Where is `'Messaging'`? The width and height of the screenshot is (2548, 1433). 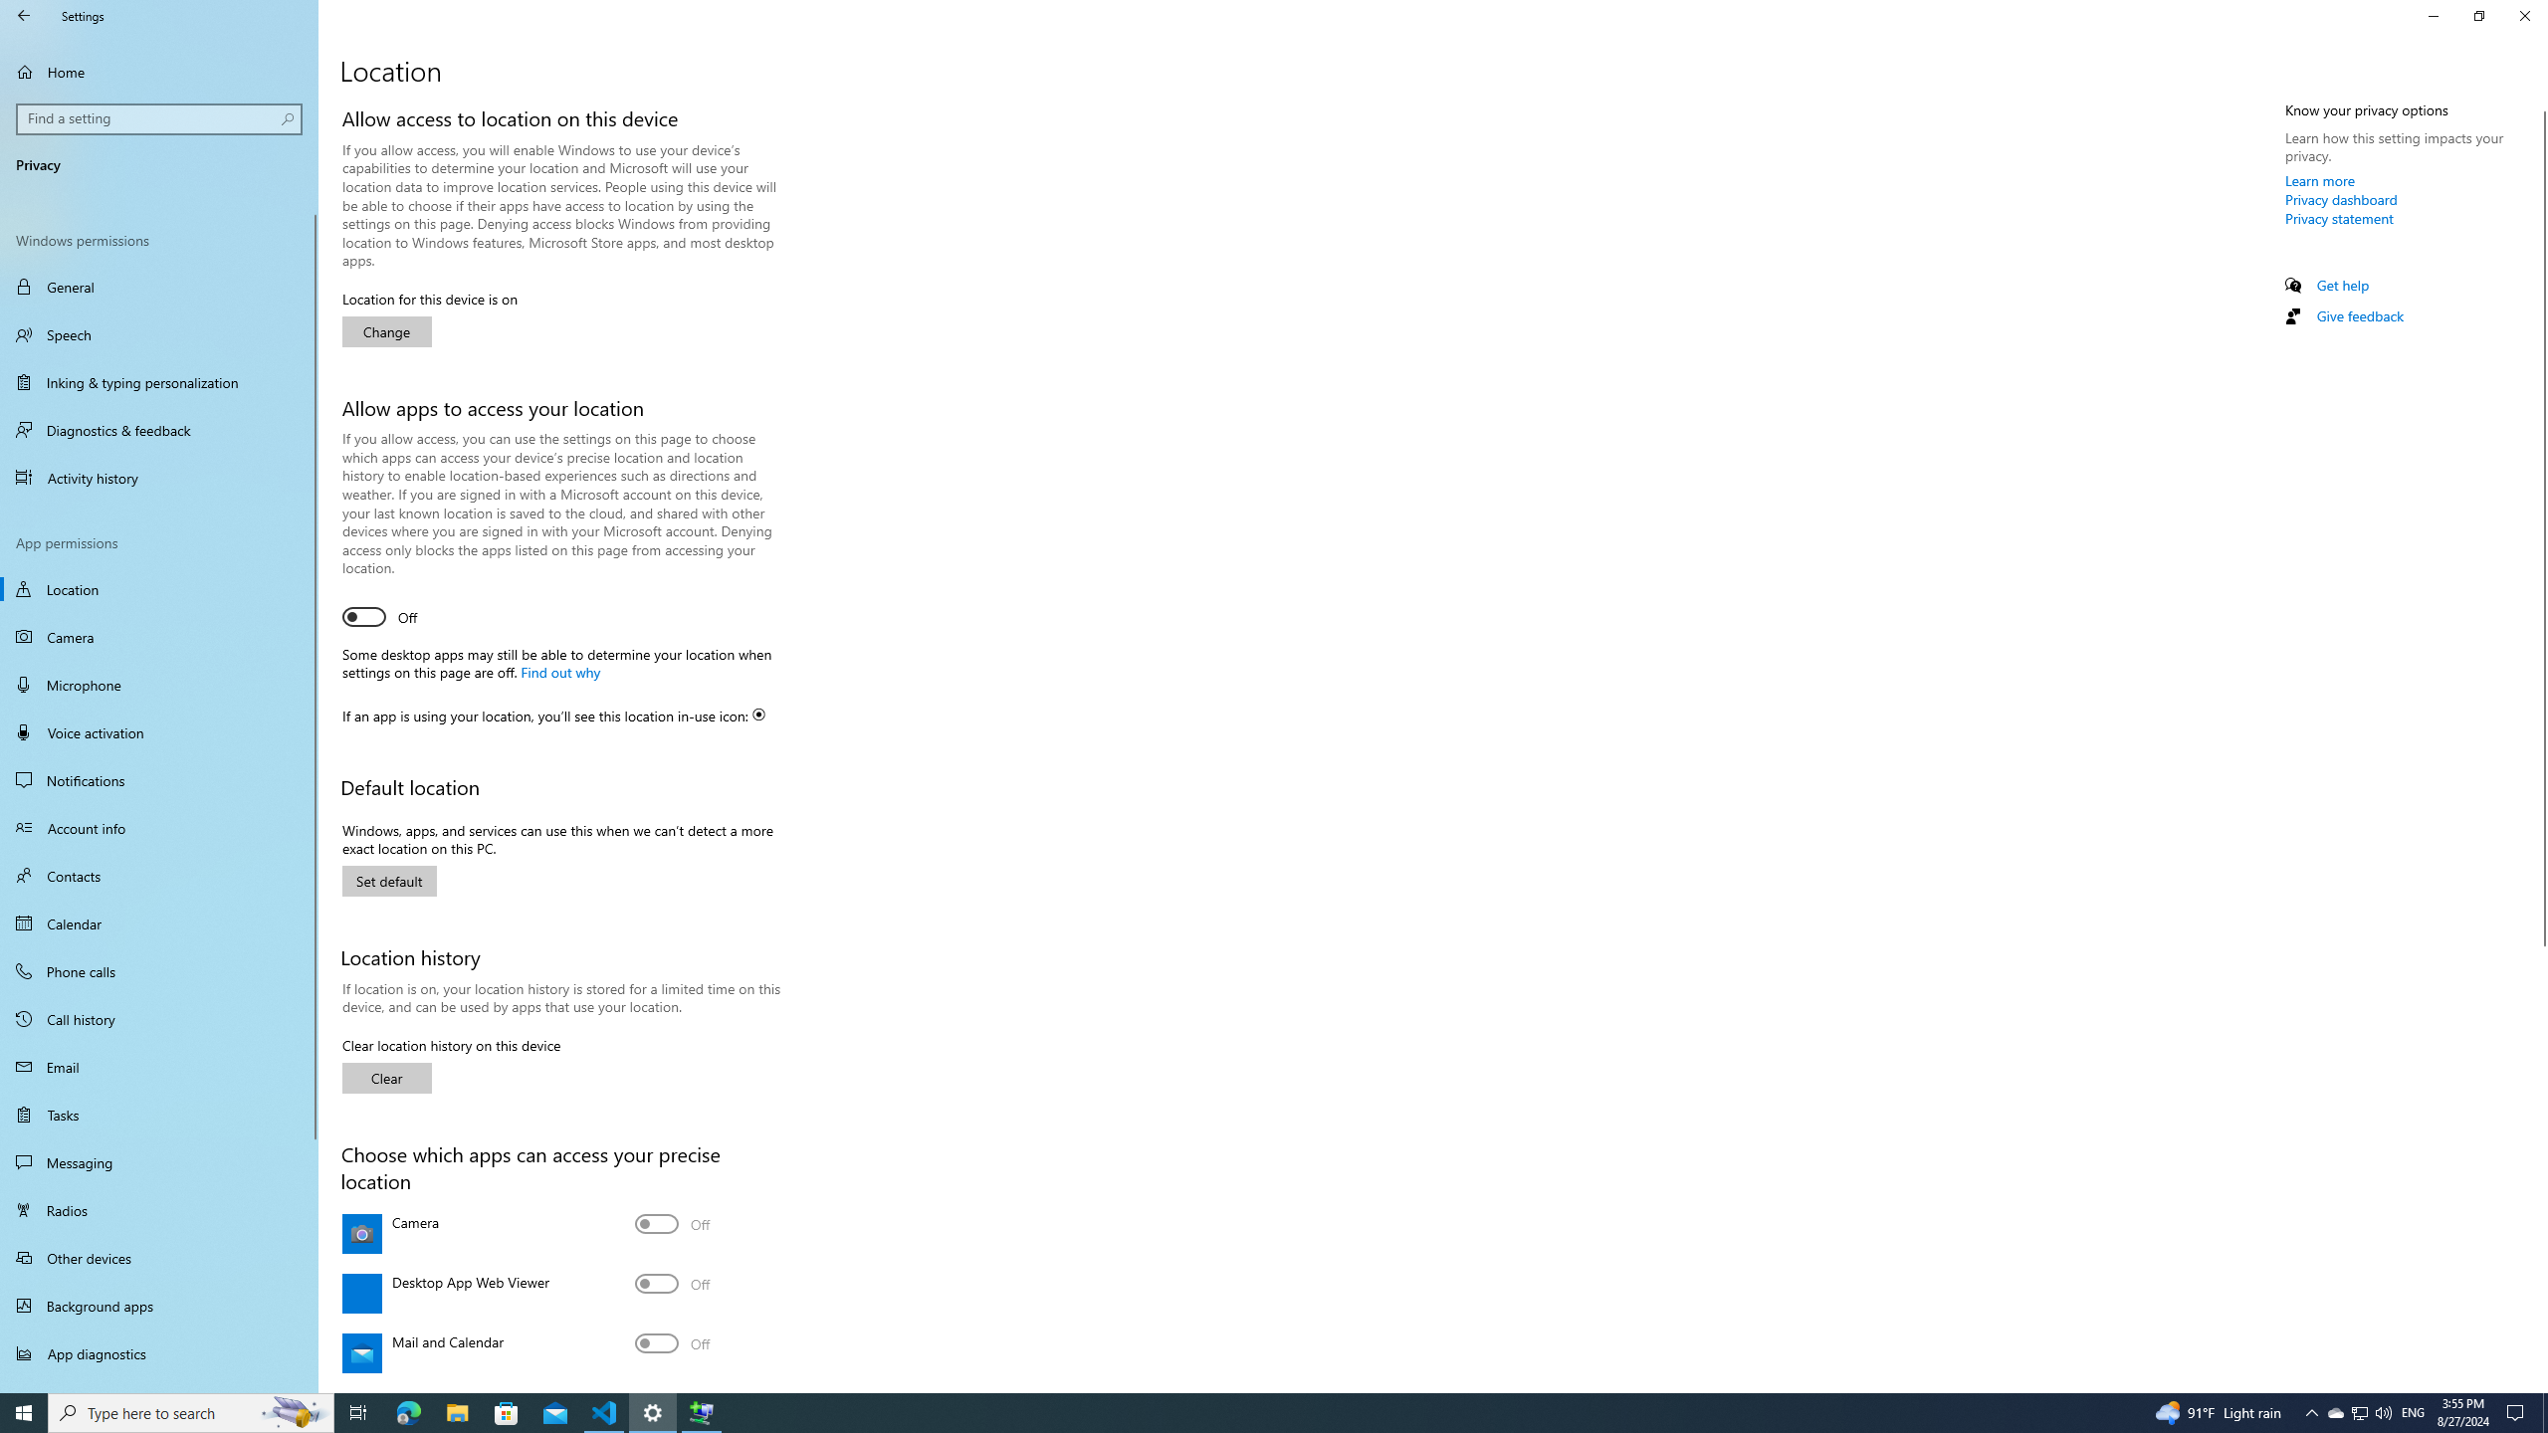
'Messaging' is located at coordinates (158, 1161).